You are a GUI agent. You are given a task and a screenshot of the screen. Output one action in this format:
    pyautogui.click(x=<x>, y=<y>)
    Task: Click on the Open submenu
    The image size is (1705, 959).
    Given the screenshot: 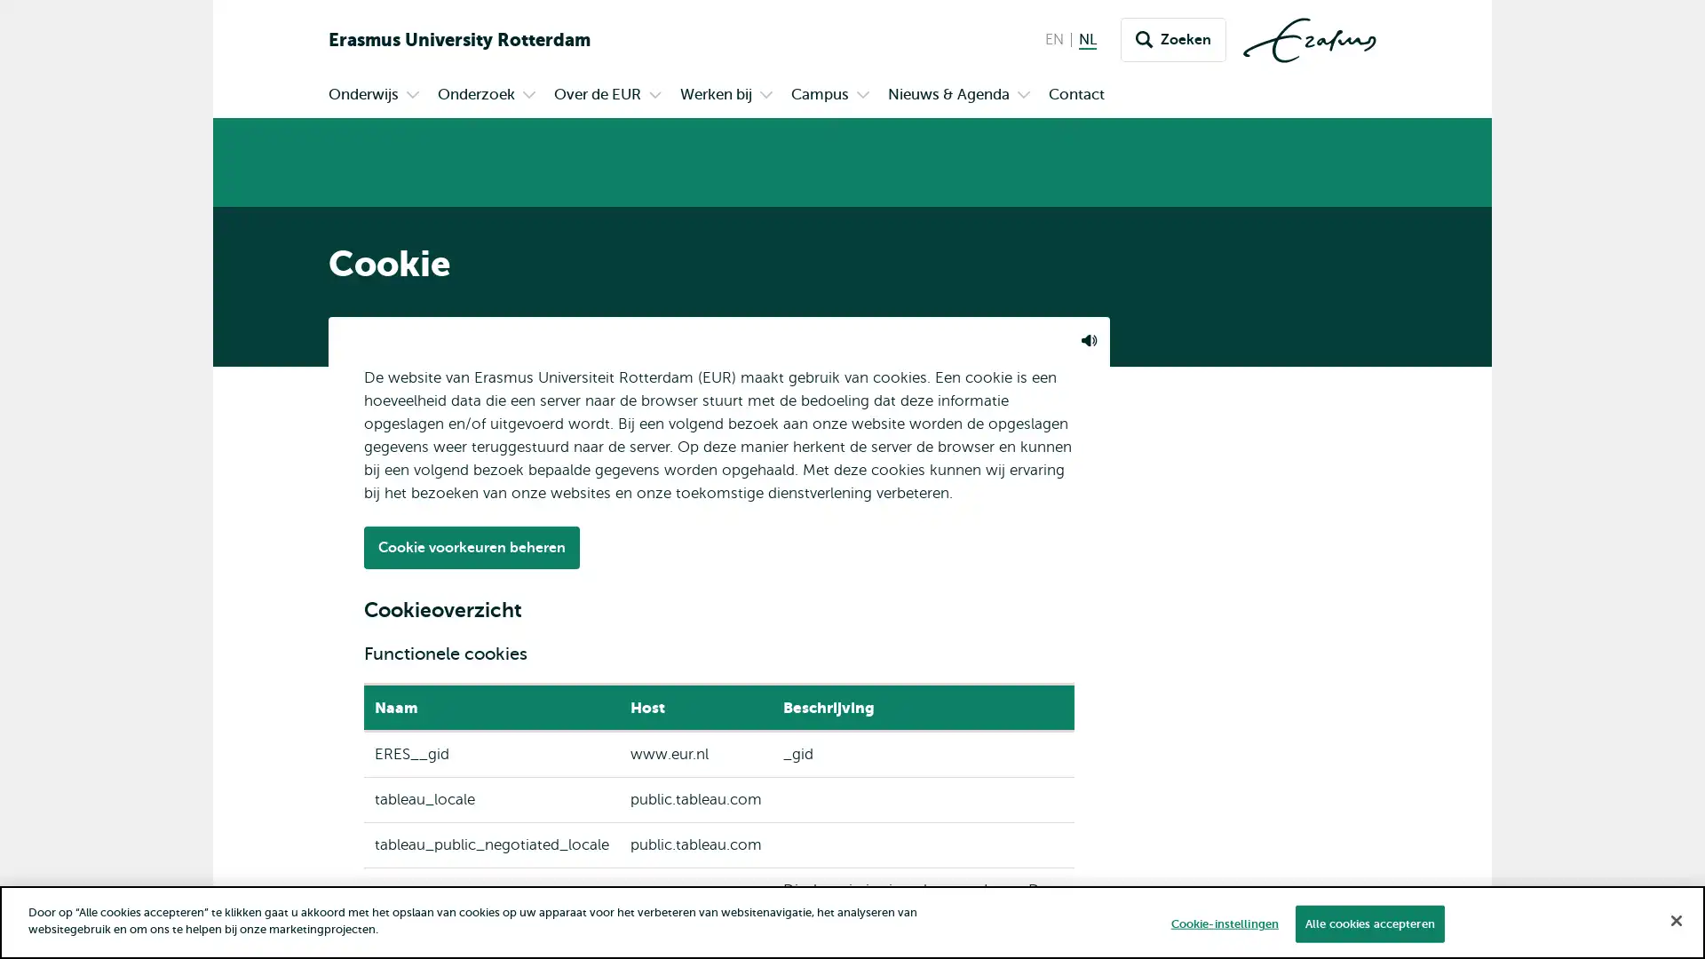 What is the action you would take?
    pyautogui.click(x=527, y=96)
    